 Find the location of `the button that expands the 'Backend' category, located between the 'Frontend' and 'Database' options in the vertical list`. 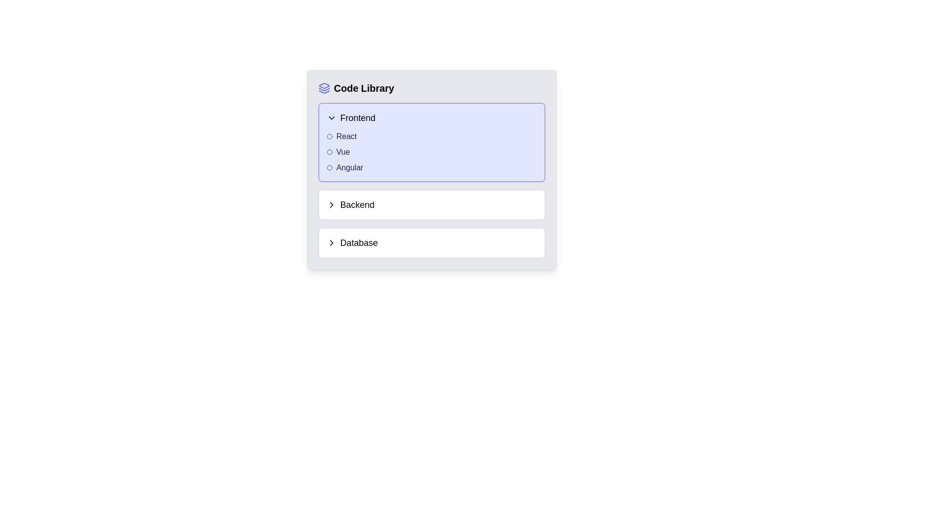

the button that expands the 'Backend' category, located between the 'Frontend' and 'Database' options in the vertical list is located at coordinates (431, 204).